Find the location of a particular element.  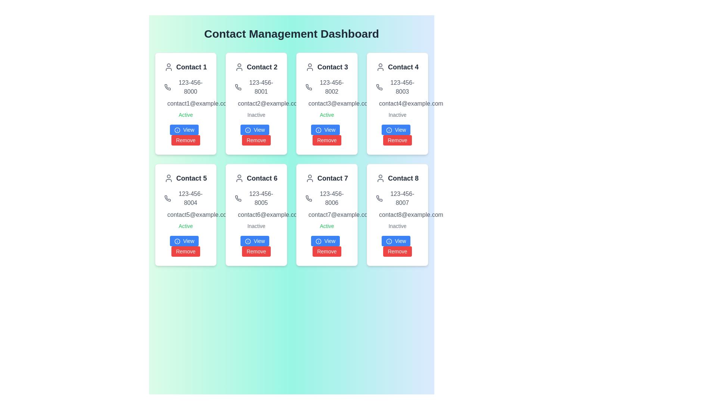

the 'Remove' button, which has a red background and white text, located in the lower-right section of the card layout for 'Contact 7' is located at coordinates (326, 252).